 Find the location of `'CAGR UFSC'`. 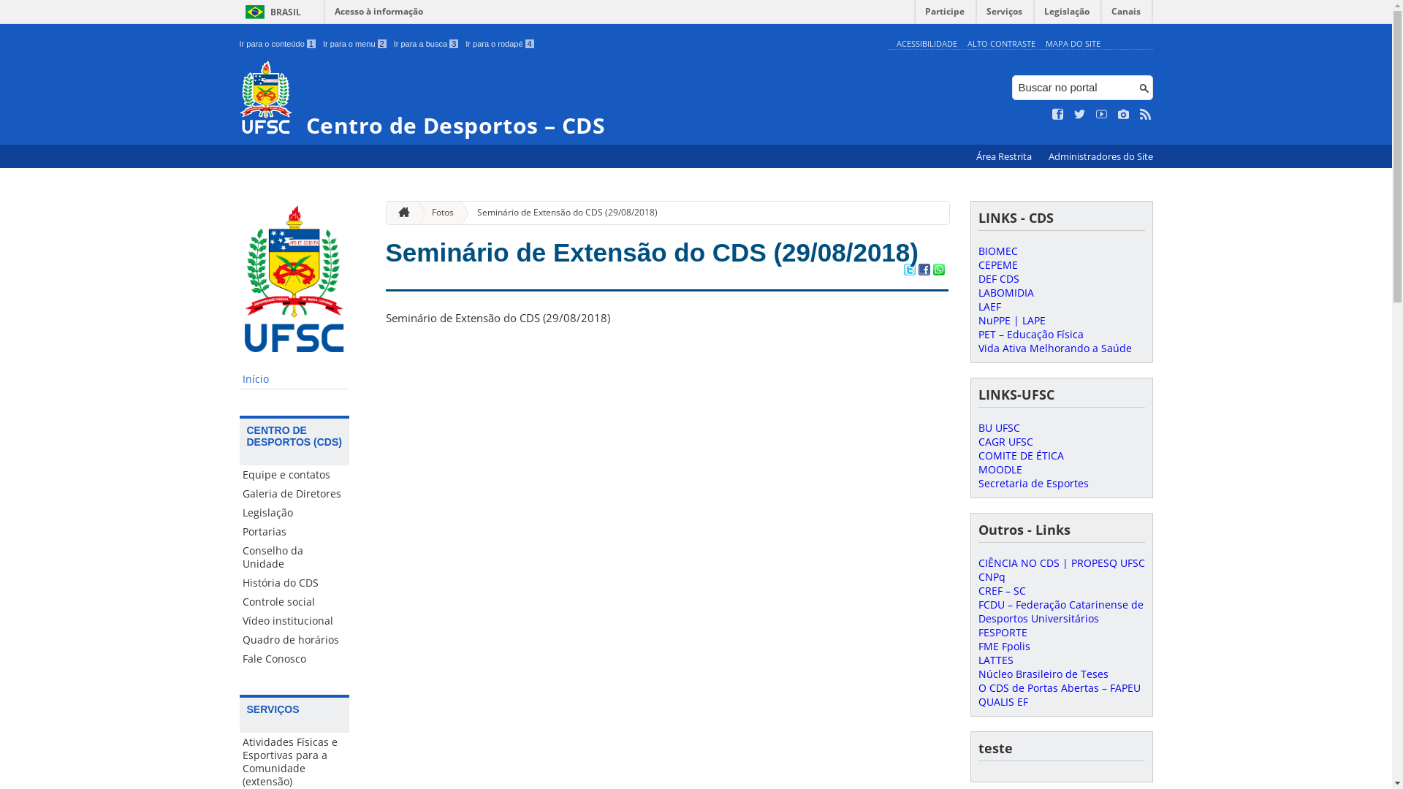

'CAGR UFSC' is located at coordinates (978, 441).